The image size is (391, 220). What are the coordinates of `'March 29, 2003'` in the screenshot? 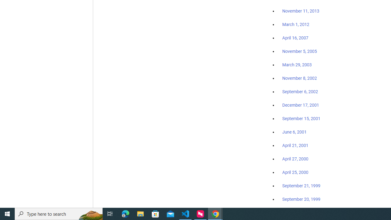 It's located at (297, 65).